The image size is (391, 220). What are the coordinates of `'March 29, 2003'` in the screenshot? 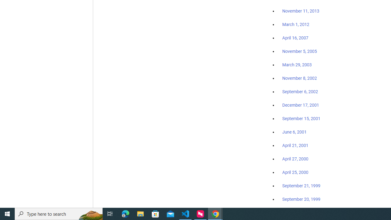 It's located at (297, 65).